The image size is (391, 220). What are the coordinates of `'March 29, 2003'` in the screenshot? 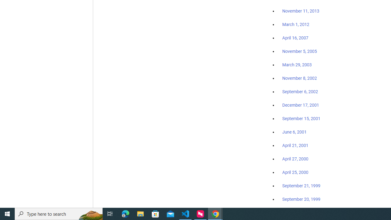 It's located at (297, 65).